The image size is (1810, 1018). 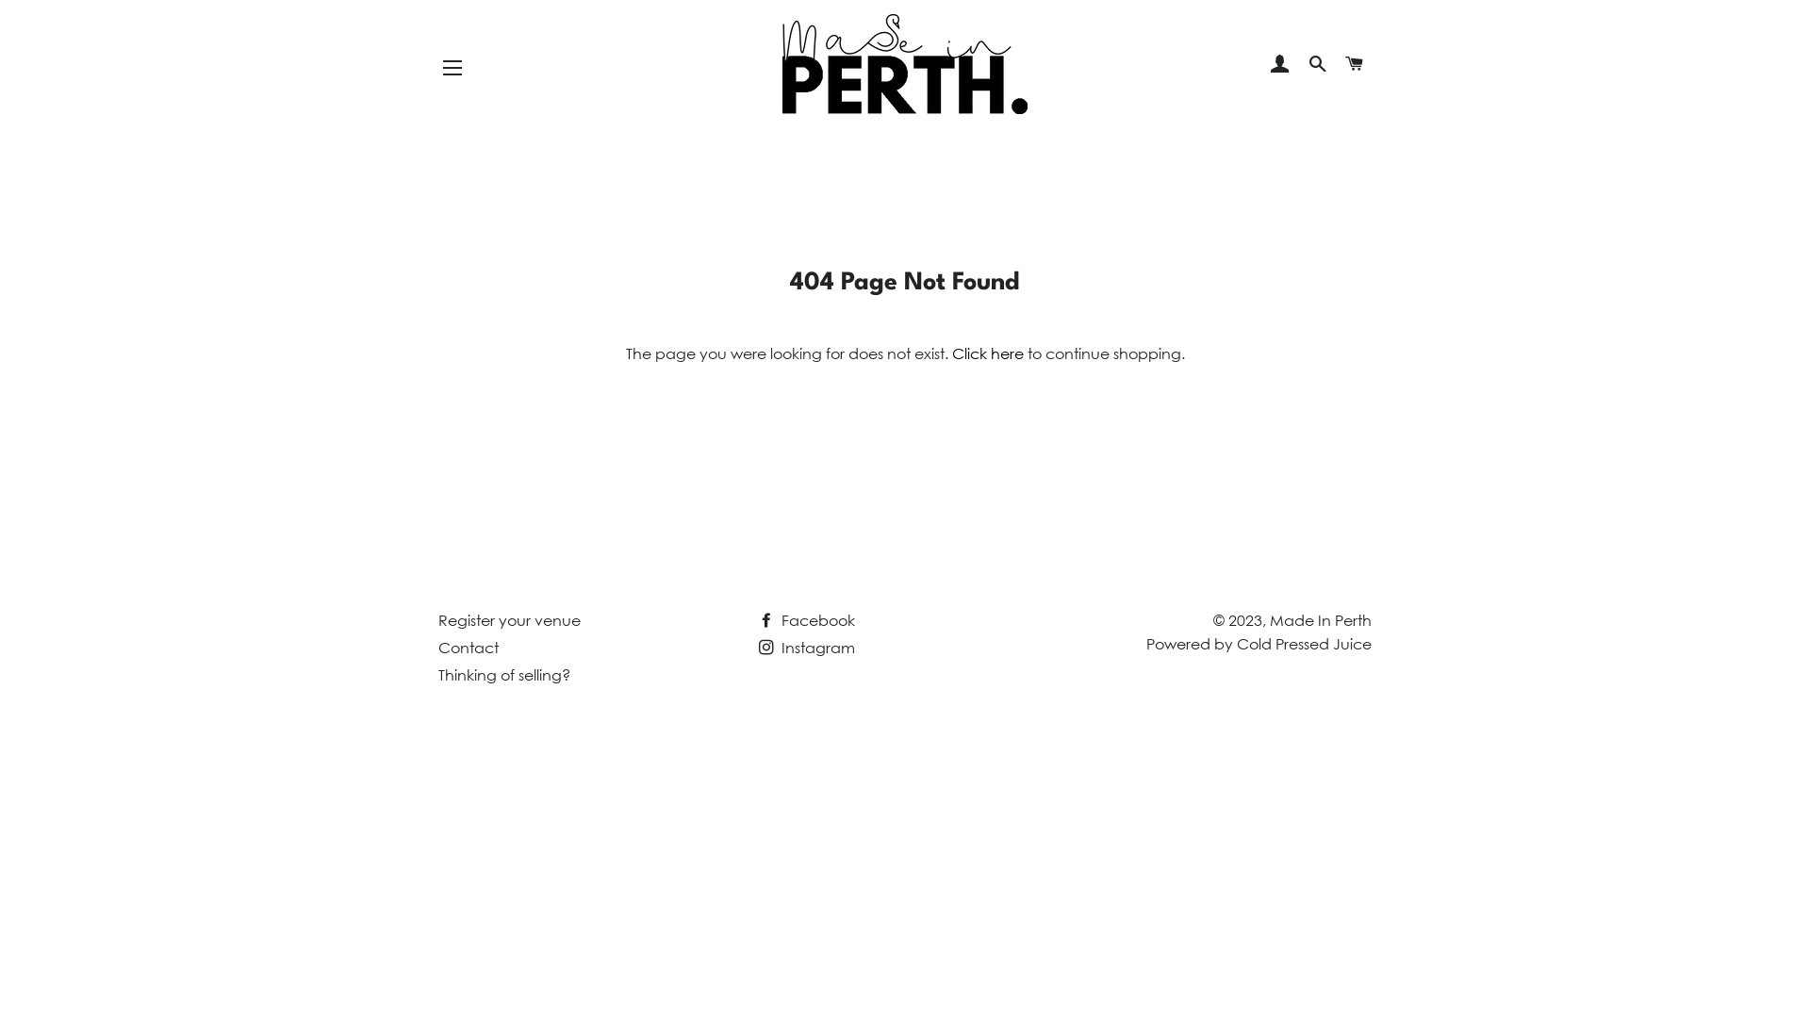 What do you see at coordinates (986, 353) in the screenshot?
I see `'Click here'` at bounding box center [986, 353].